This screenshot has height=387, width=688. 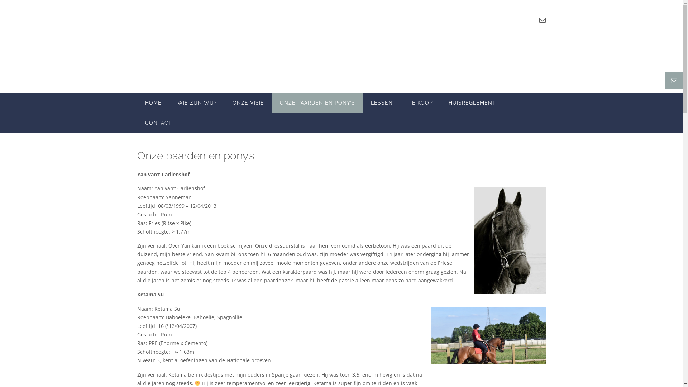 I want to click on 'CONTACT', so click(x=158, y=123).